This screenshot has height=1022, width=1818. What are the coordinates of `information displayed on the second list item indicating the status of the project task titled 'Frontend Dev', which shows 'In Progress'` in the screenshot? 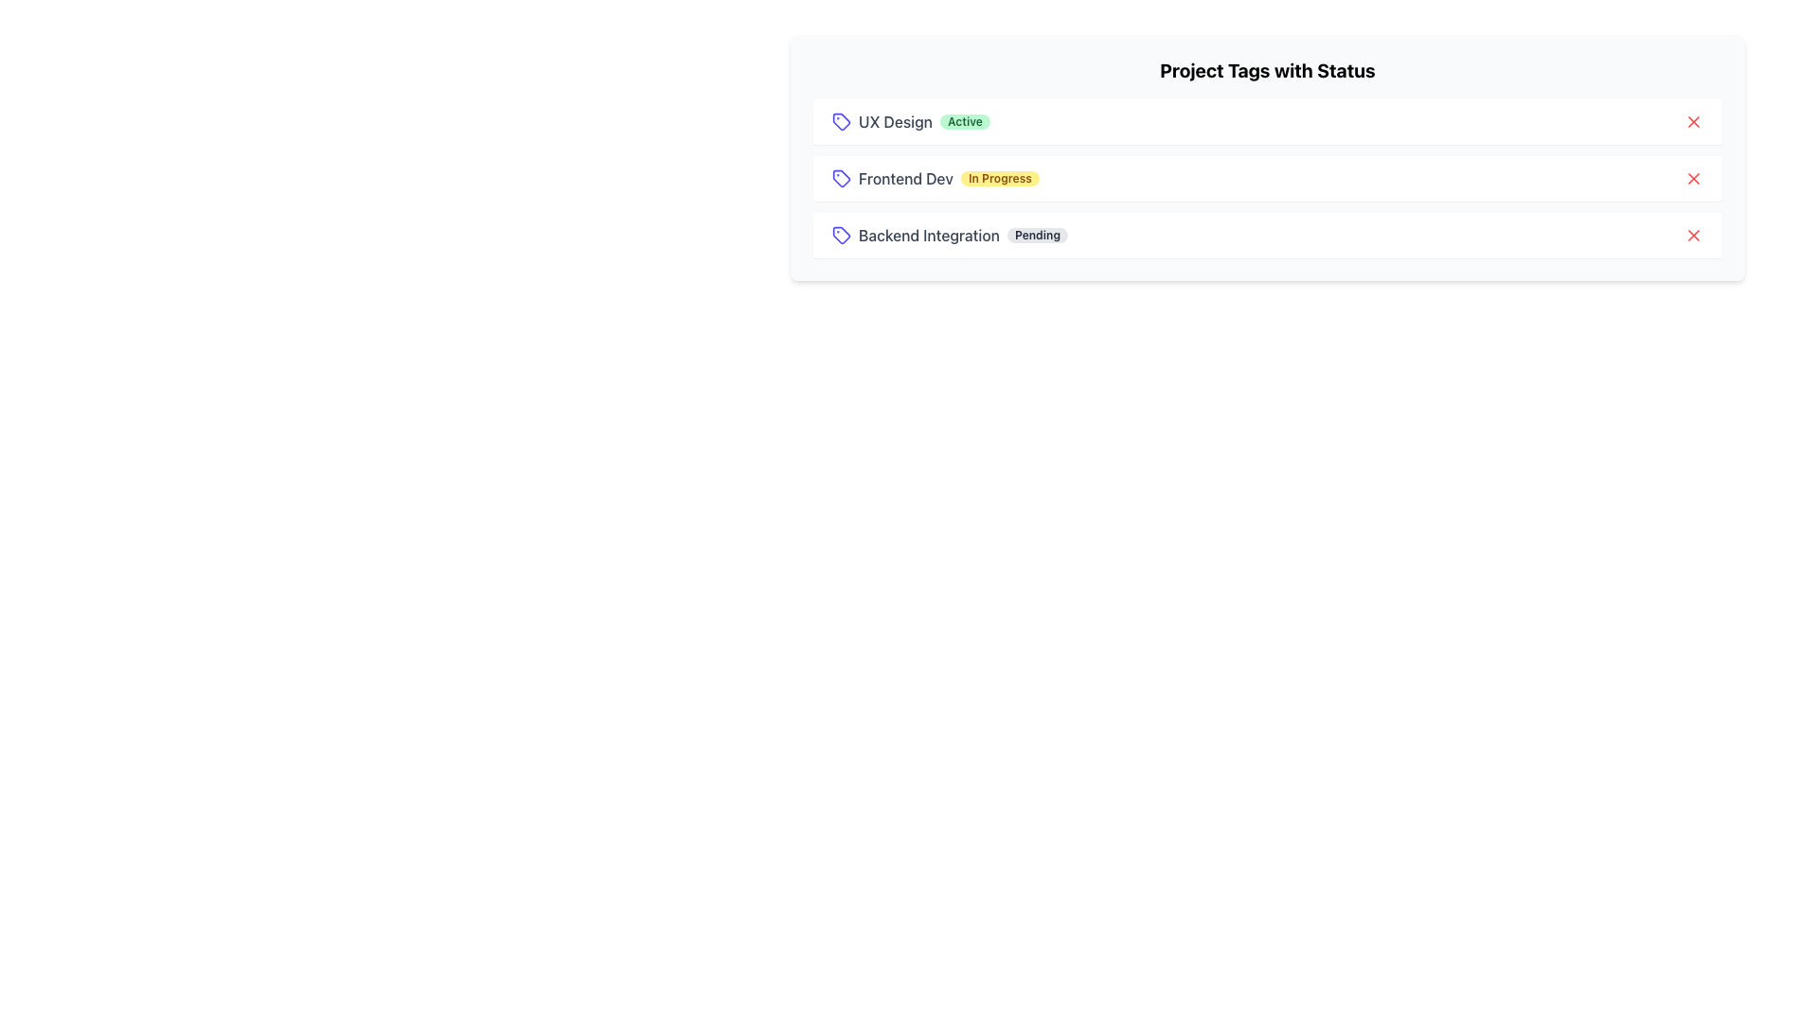 It's located at (936, 179).